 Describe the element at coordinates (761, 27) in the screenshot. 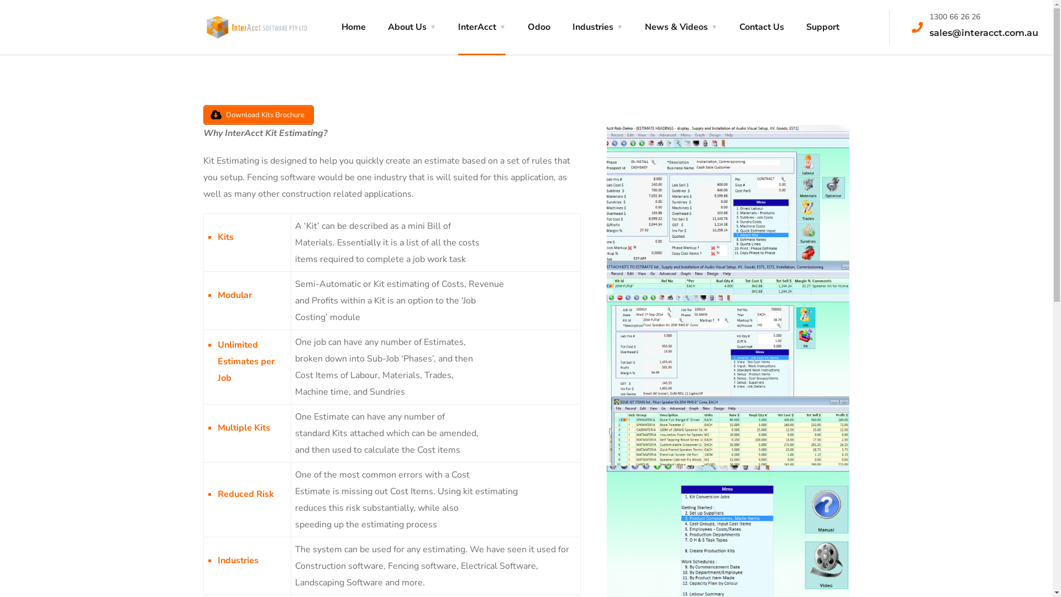

I see `'Contact Us'` at that location.